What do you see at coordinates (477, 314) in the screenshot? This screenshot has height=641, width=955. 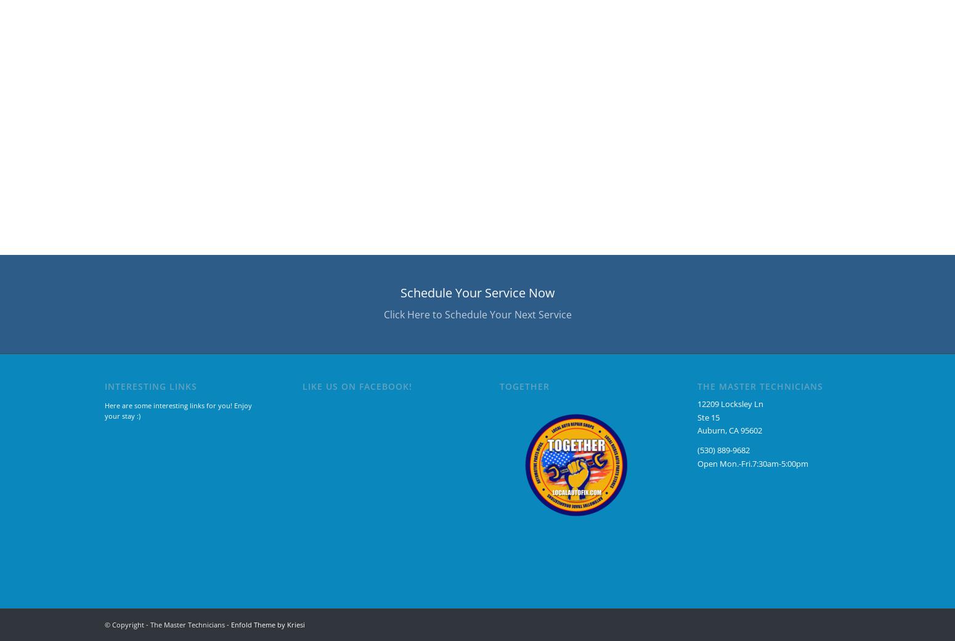 I see `'Click Here to Schedule Your Next Service'` at bounding box center [477, 314].